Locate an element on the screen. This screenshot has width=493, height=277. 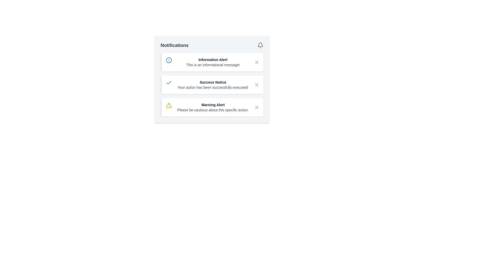
the 'Warning Alert' text label, which is bold, small font size, and dark gray color, located at the top of the notification box is located at coordinates (213, 104).